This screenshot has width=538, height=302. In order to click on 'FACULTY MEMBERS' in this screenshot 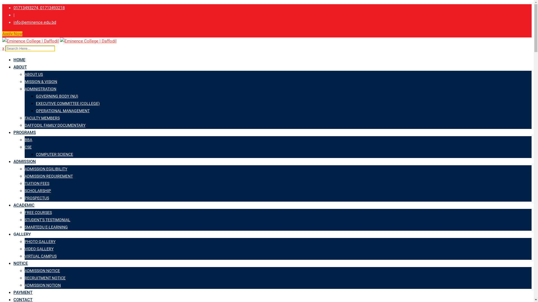, I will do `click(24, 117)`.